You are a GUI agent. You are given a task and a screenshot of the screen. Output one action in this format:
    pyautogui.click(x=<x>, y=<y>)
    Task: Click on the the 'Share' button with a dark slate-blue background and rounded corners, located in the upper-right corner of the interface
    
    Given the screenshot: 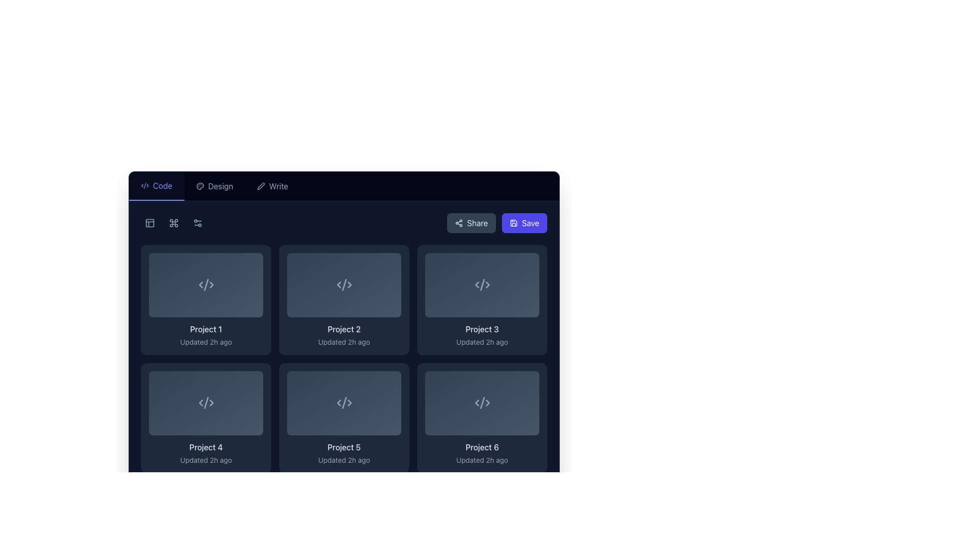 What is the action you would take?
    pyautogui.click(x=471, y=222)
    